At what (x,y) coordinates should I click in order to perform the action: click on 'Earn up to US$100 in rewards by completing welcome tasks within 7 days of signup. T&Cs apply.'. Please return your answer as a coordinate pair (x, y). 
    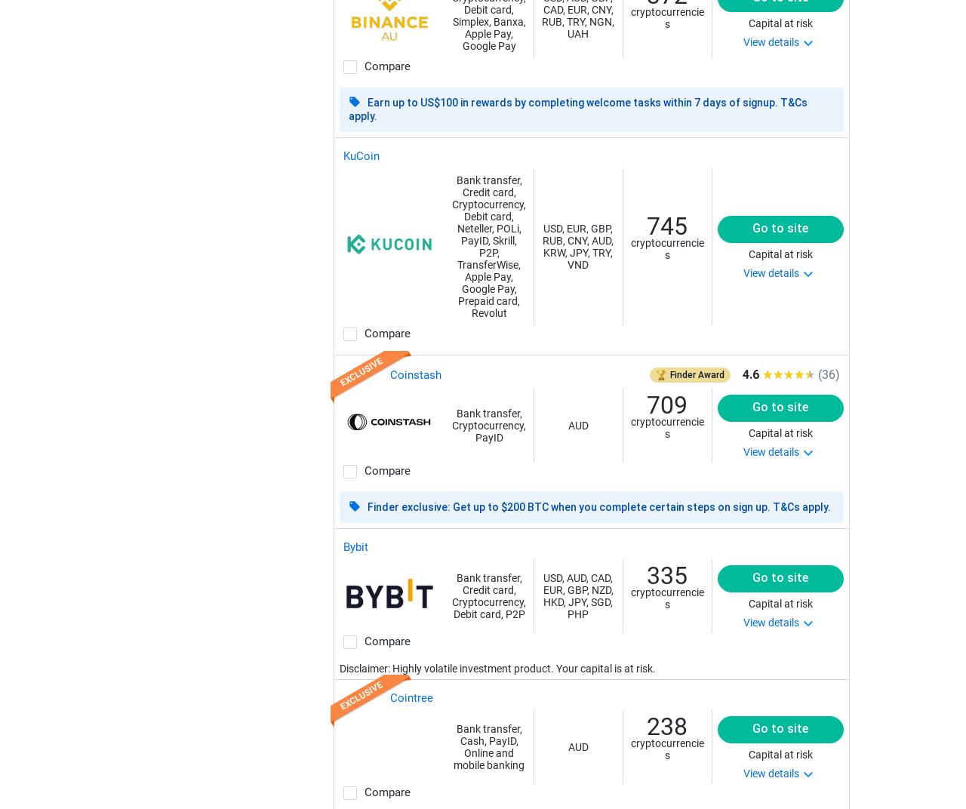
    Looking at the image, I should click on (577, 109).